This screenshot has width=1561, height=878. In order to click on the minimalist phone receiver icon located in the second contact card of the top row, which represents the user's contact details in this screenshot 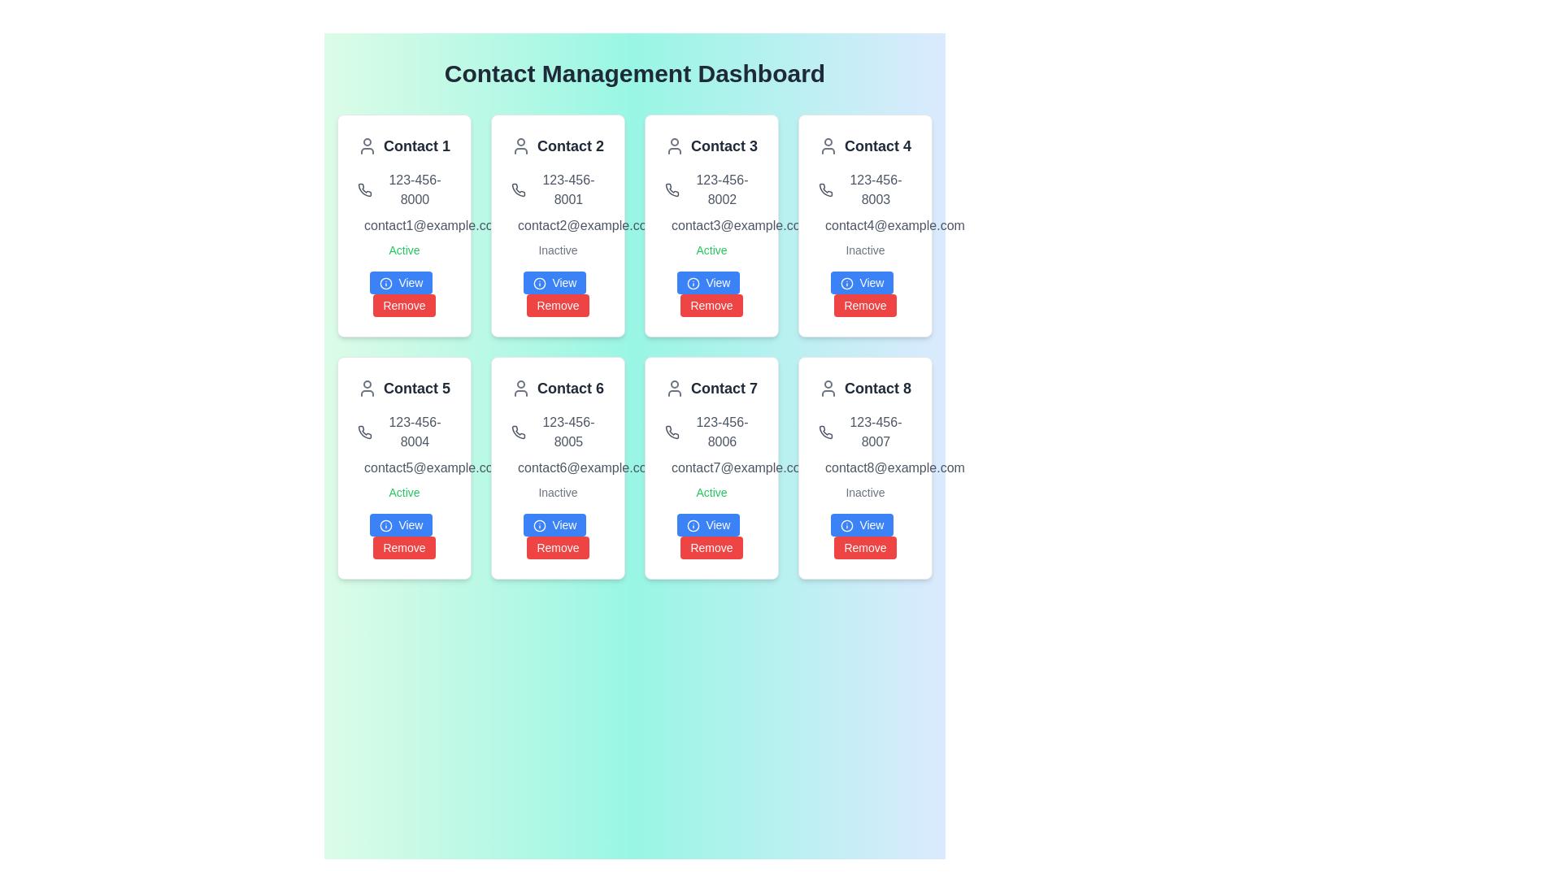, I will do `click(518, 189)`.